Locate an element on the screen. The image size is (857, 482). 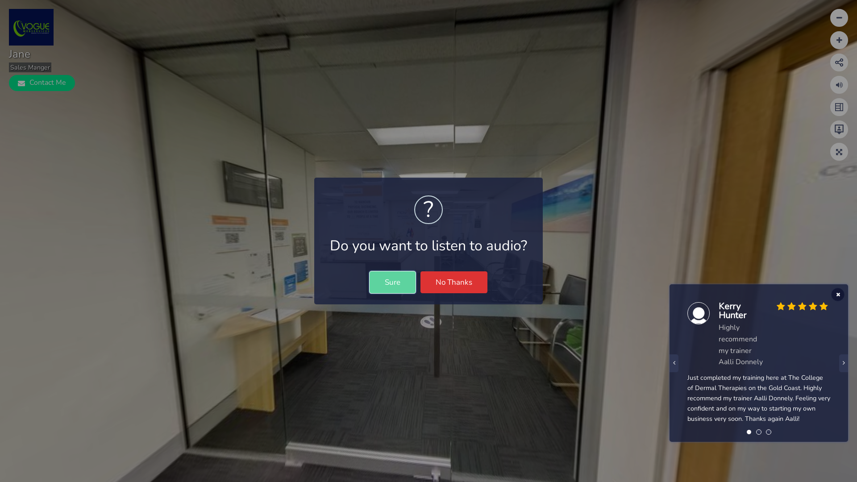
'Social Share' is located at coordinates (835, 62).